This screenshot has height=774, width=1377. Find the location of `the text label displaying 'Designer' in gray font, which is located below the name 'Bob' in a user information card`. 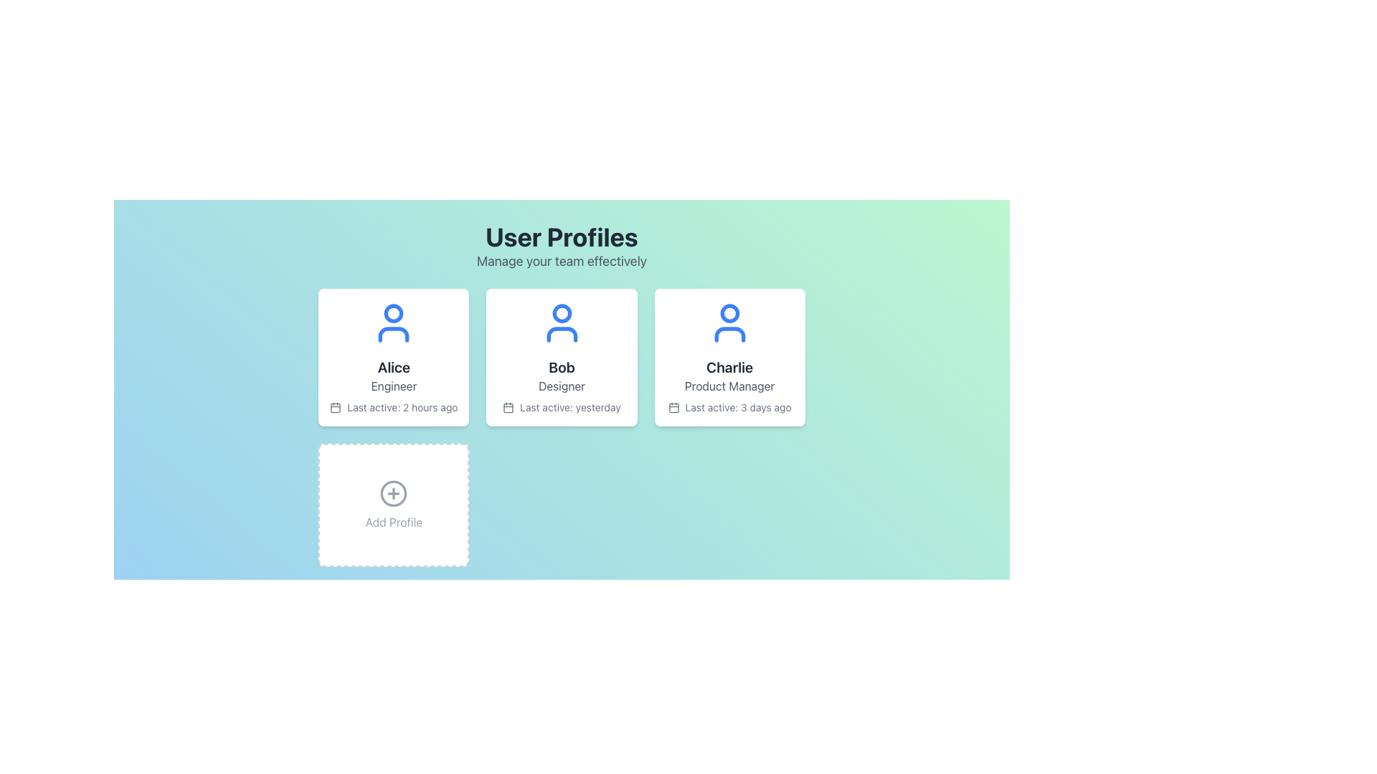

the text label displaying 'Designer' in gray font, which is located below the name 'Bob' in a user information card is located at coordinates (561, 386).